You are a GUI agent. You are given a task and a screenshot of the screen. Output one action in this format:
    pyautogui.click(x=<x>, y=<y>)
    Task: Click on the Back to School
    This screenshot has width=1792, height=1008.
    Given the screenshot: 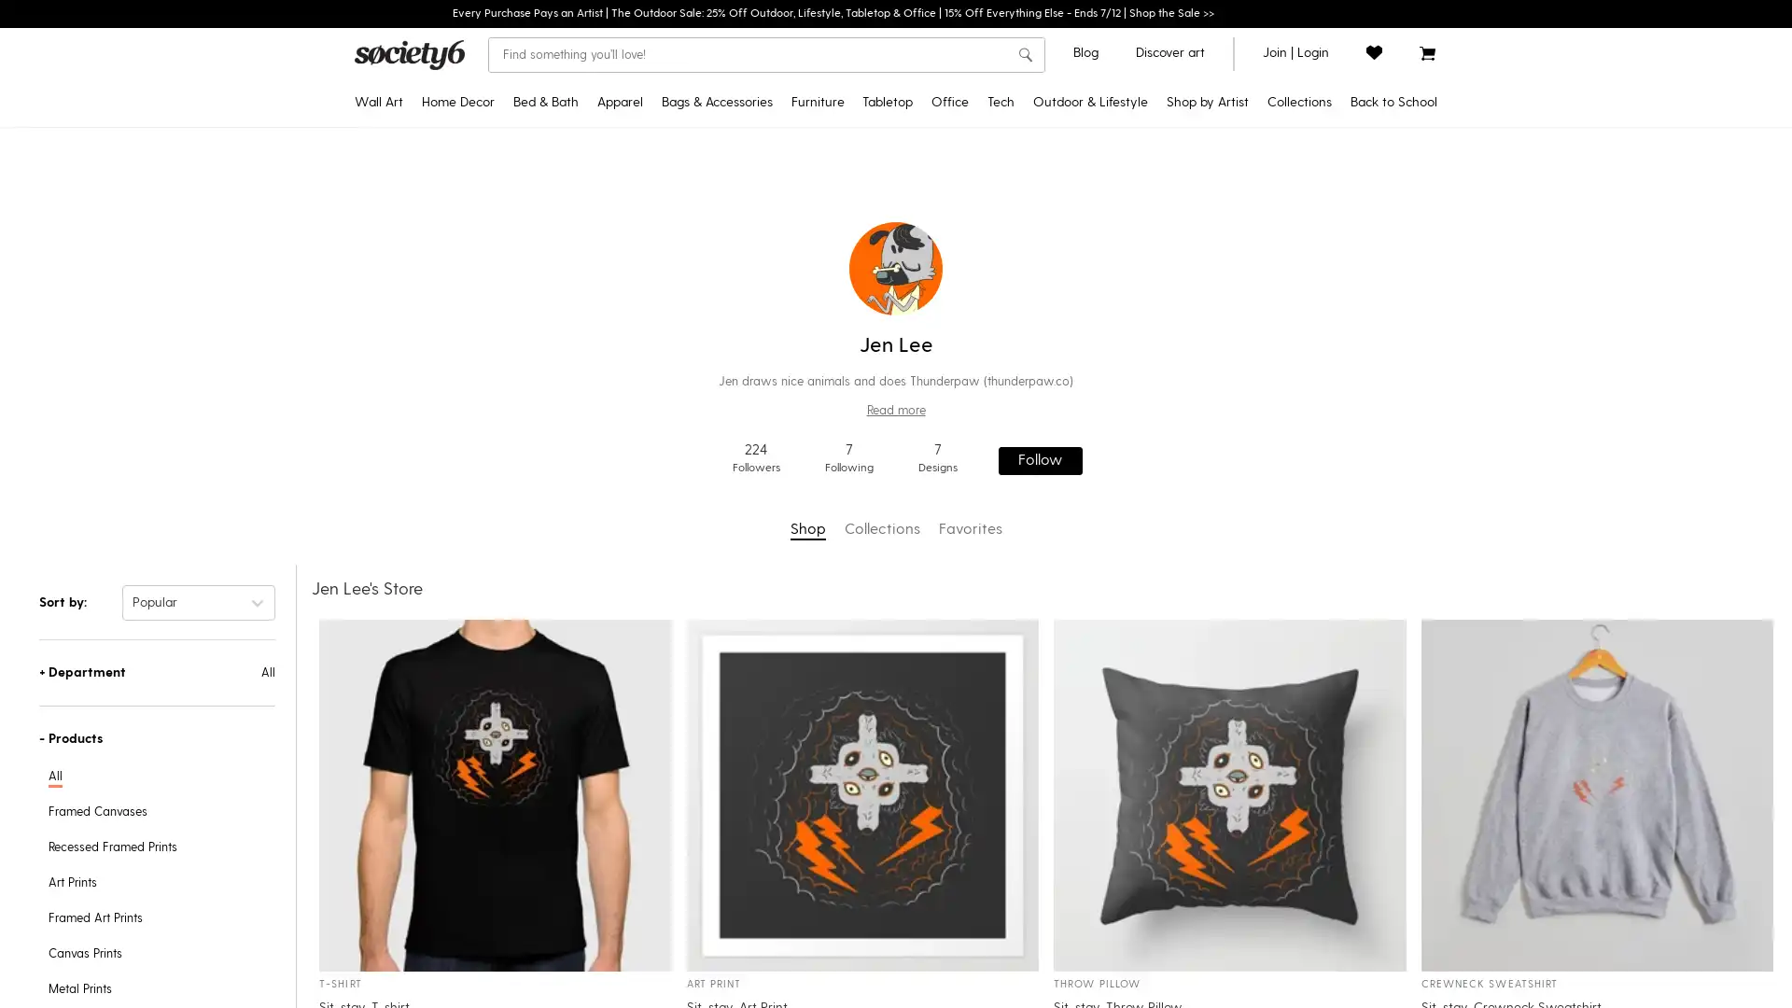 What is the action you would take?
    pyautogui.click(x=1393, y=103)
    